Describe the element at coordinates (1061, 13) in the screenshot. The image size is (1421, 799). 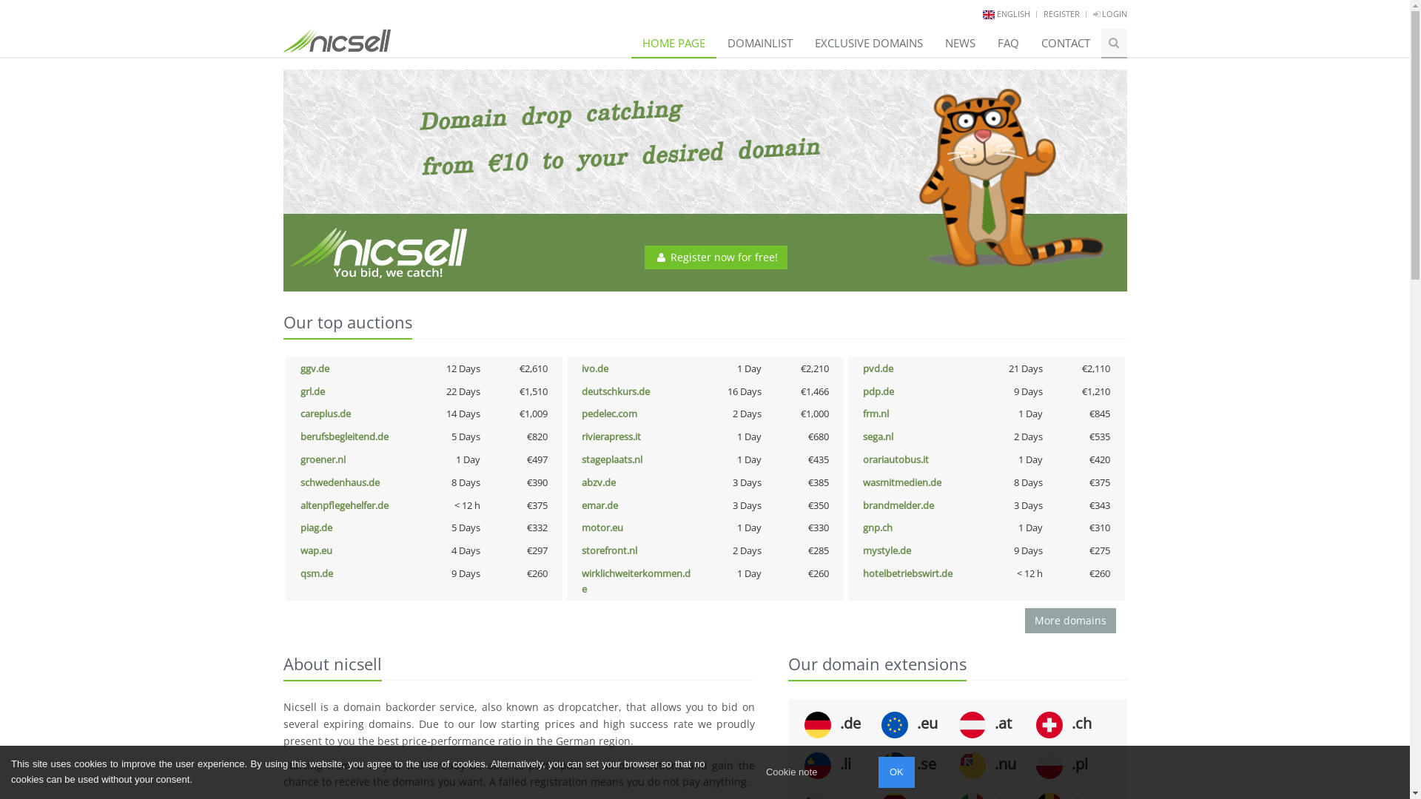
I see `'REGISTER'` at that location.